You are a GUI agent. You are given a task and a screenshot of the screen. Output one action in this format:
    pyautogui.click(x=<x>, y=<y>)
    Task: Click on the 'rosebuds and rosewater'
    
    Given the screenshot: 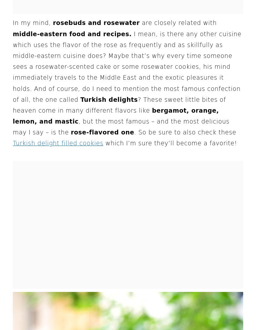 What is the action you would take?
    pyautogui.click(x=96, y=23)
    